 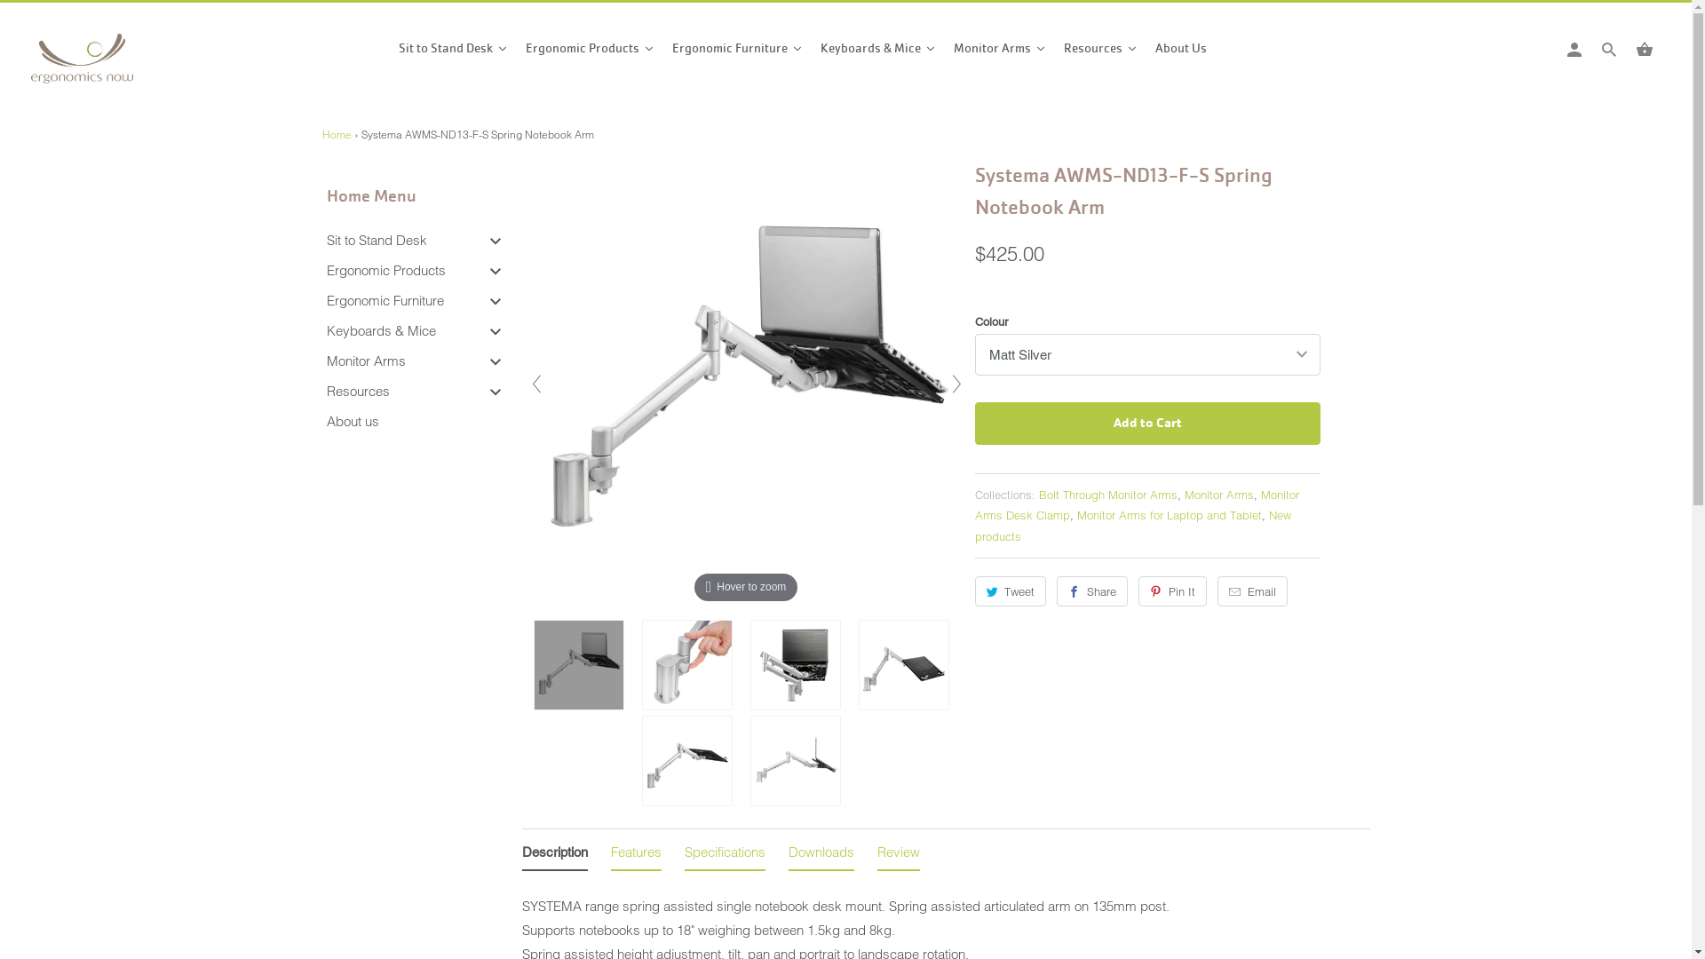 What do you see at coordinates (357, 390) in the screenshot?
I see `'Resources'` at bounding box center [357, 390].